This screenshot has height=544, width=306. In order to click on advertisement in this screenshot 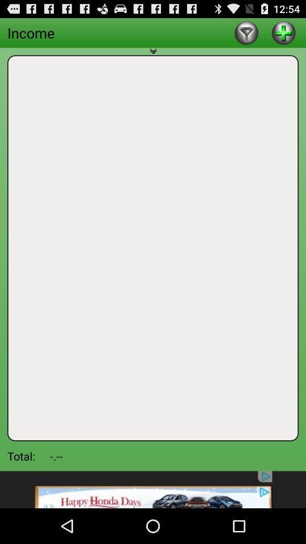, I will do `click(153, 489)`.